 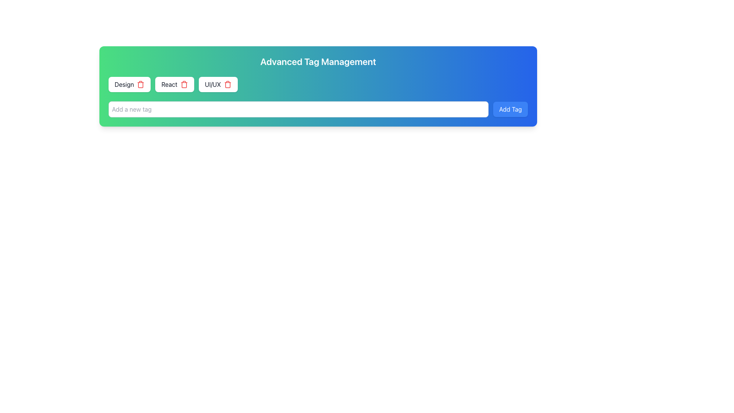 What do you see at coordinates (227, 85) in the screenshot?
I see `the trash can icon outlined in red to delete the 'UI/UX' tag` at bounding box center [227, 85].